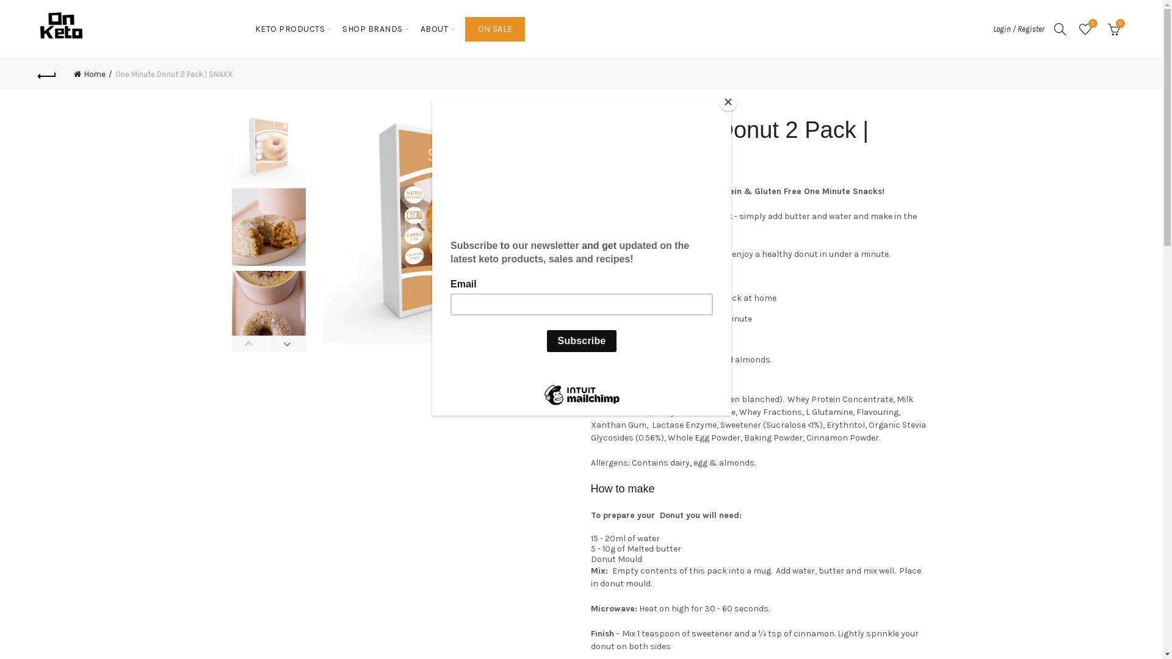  I want to click on 'ABOUT', so click(434, 28).